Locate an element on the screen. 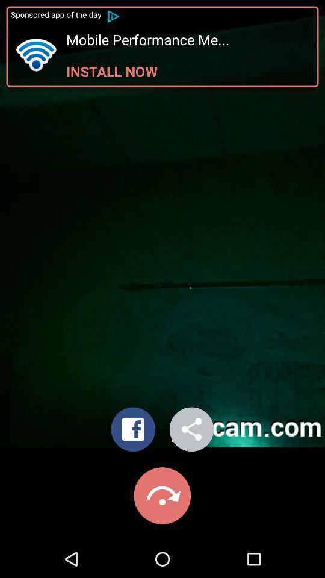 The height and width of the screenshot is (578, 325). the share icon is located at coordinates (191, 432).